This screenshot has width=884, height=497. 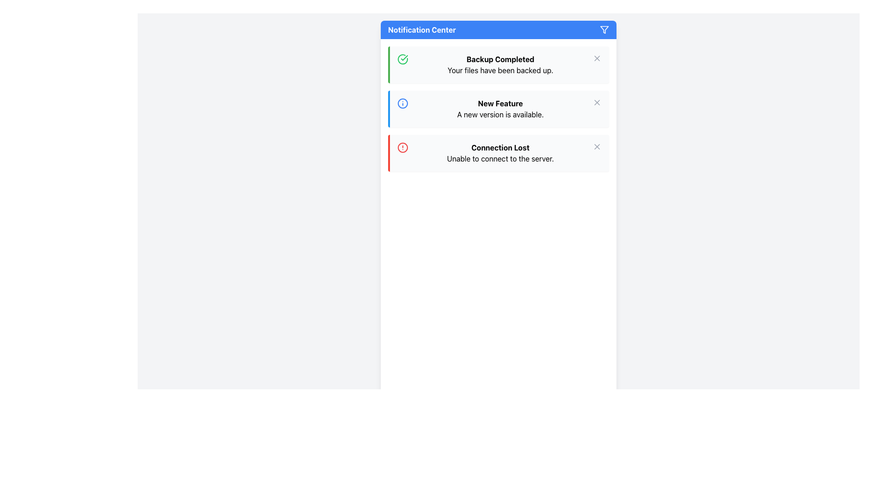 What do you see at coordinates (500, 103) in the screenshot?
I see `the 'New Feature' text label, which is in bold font, black color, and part of the second notification item in the notification panel` at bounding box center [500, 103].